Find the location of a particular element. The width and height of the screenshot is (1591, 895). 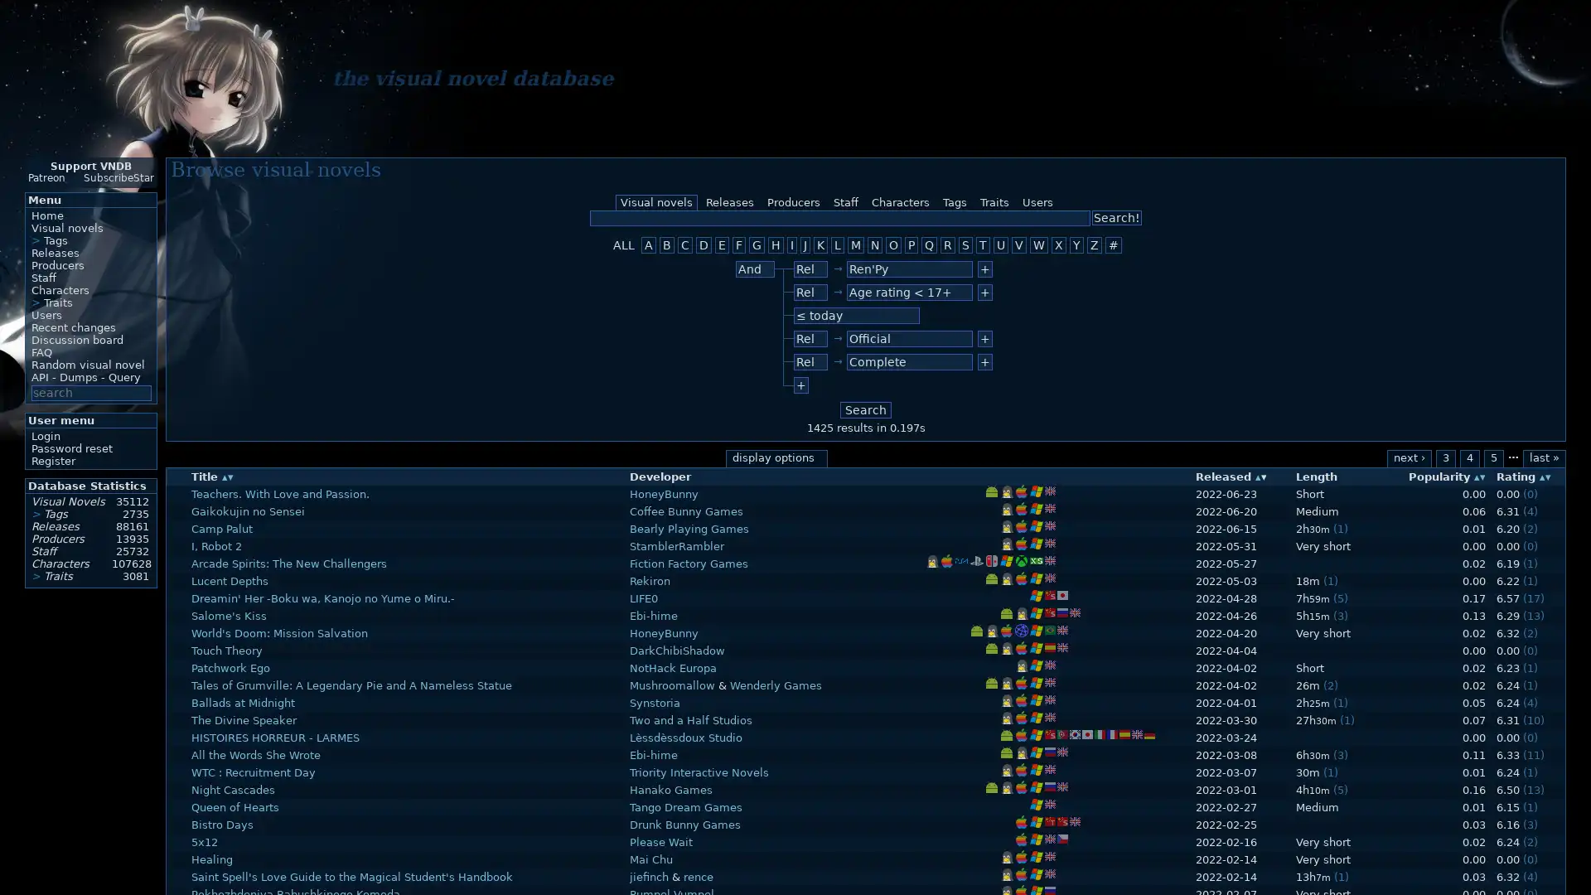

I is located at coordinates (791, 245).